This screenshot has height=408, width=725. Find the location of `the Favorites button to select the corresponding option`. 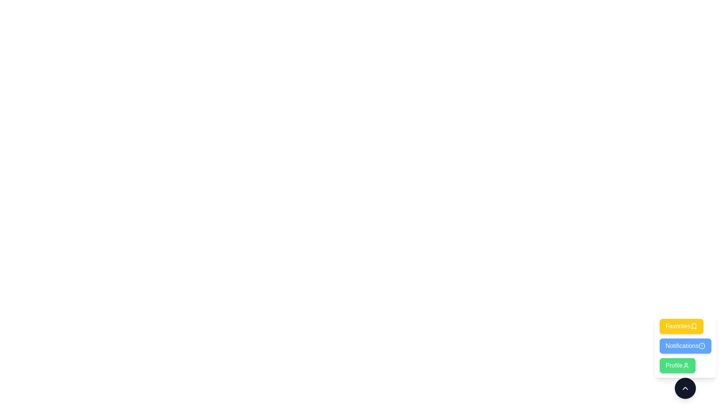

the Favorites button to select the corresponding option is located at coordinates (681, 326).